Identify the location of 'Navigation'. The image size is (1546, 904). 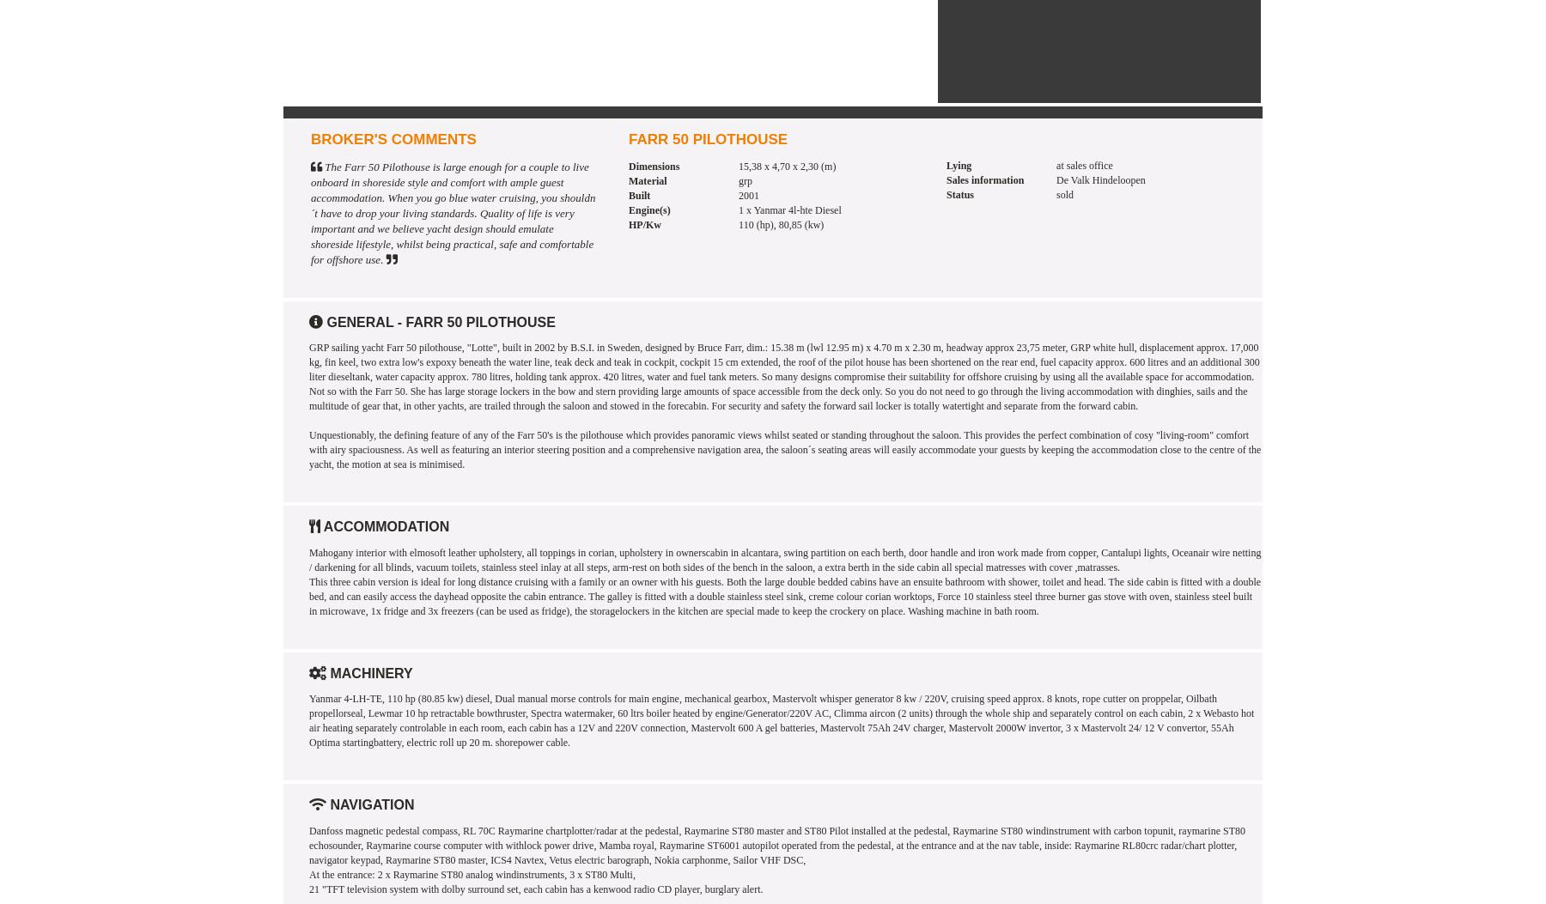
(326, 804).